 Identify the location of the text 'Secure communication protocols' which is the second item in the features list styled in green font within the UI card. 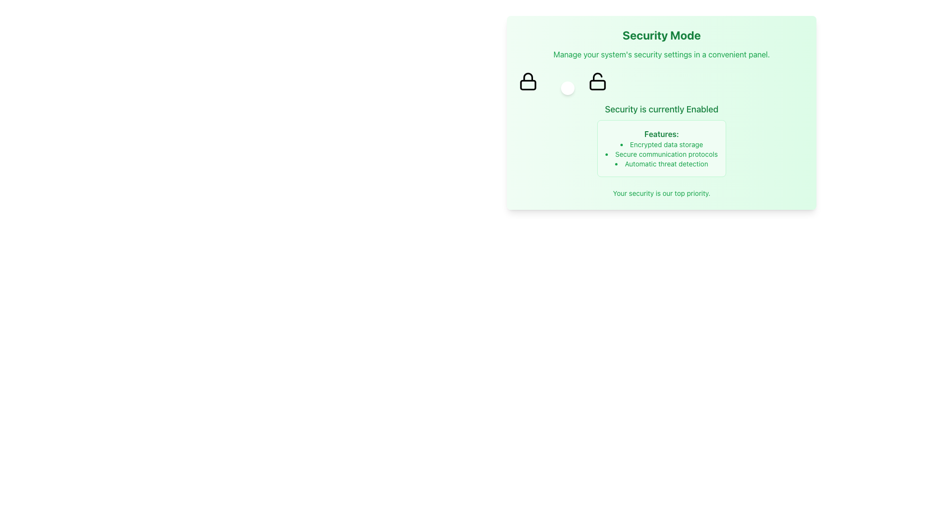
(661, 154).